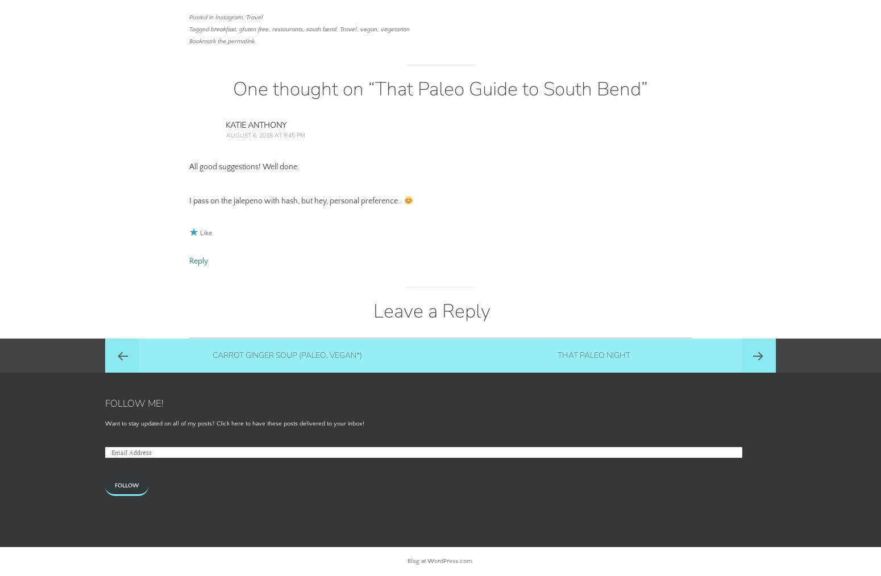 This screenshot has width=881, height=576. I want to click on 'breakfast', so click(222, 28).